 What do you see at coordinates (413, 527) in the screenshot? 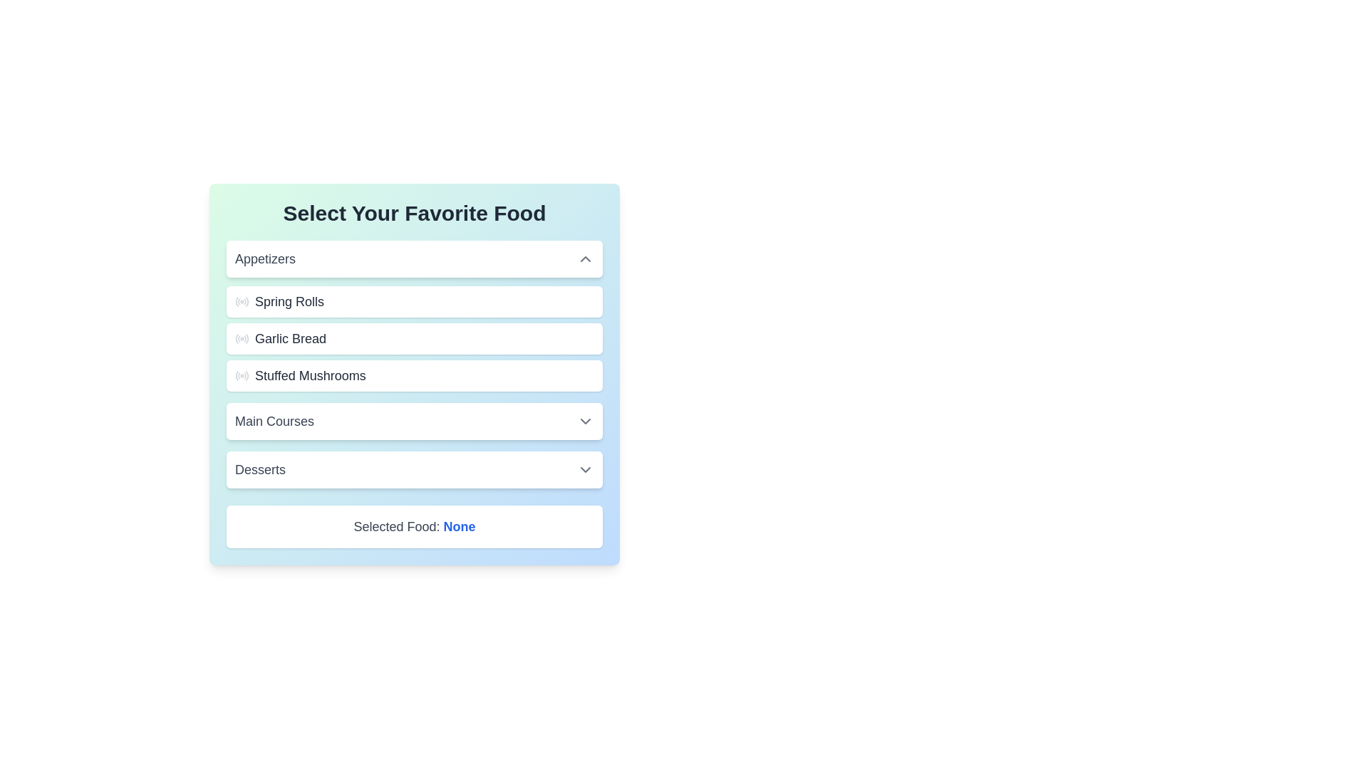
I see `displayed text from the Text display component that shows 'Selected Food: None.'` at bounding box center [413, 527].